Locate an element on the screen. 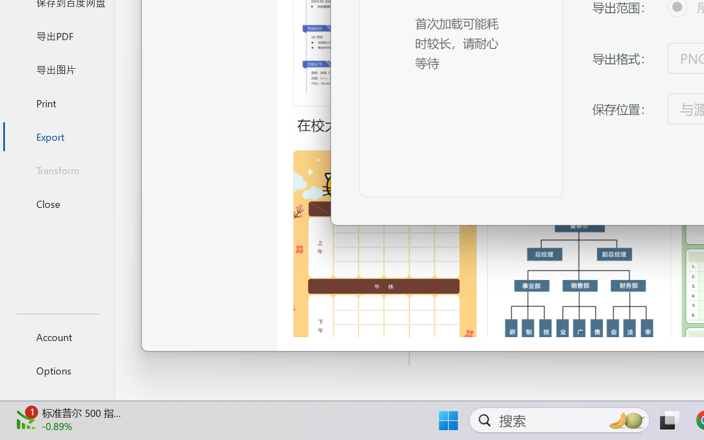 Image resolution: width=704 pixels, height=440 pixels. 'Account' is located at coordinates (57, 337).